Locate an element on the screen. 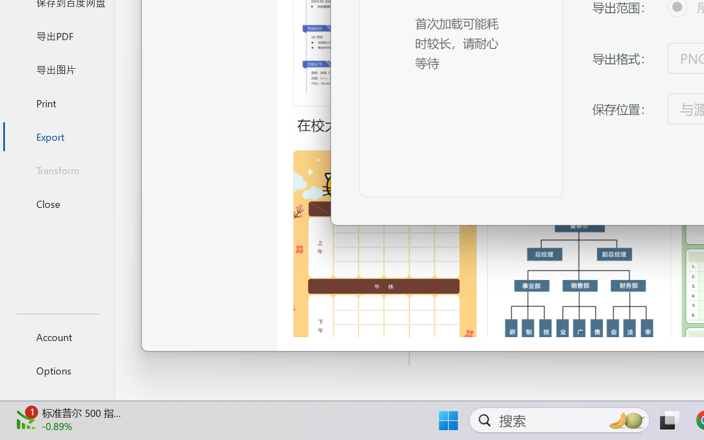 Image resolution: width=704 pixels, height=440 pixels. 'Account' is located at coordinates (57, 337).